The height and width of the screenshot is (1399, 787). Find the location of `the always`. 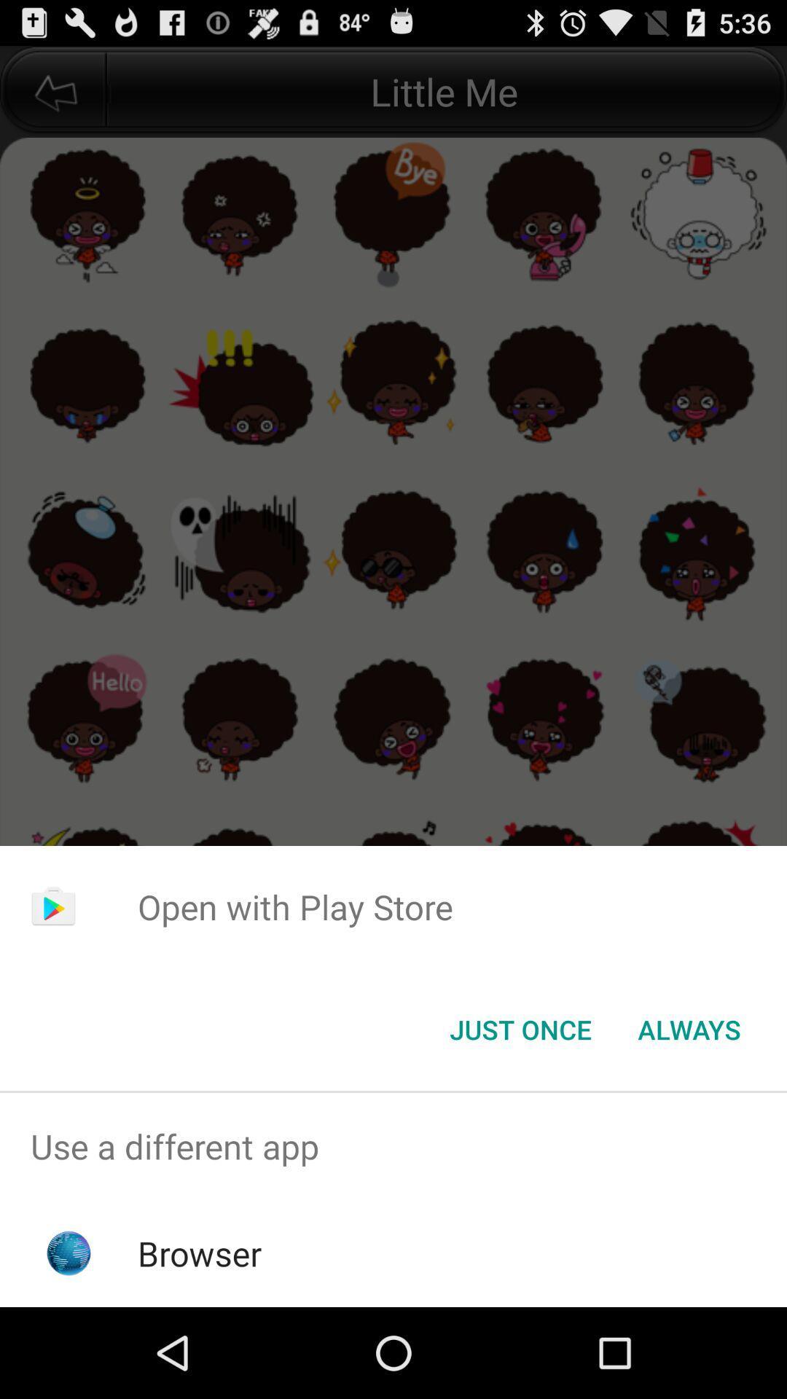

the always is located at coordinates (689, 1028).